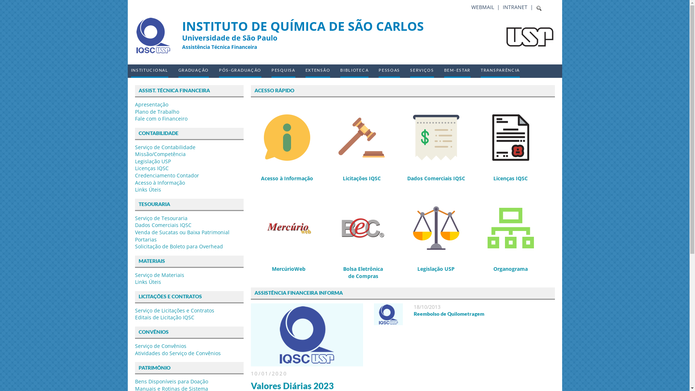 The width and height of the screenshot is (695, 391). I want to click on 'Venda de Sucatas ou Baixa Patrimonial', so click(182, 232).